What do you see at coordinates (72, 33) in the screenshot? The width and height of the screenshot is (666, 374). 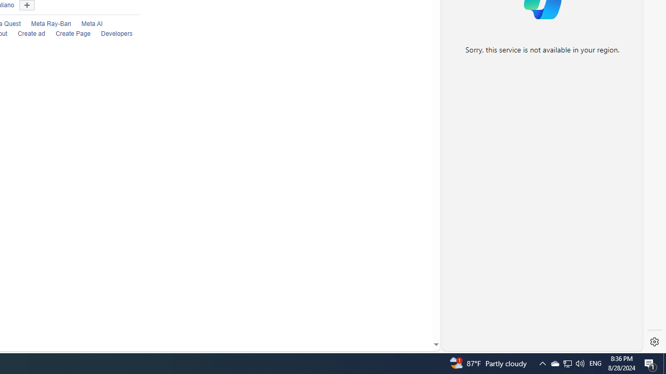 I see `'Create Page'` at bounding box center [72, 33].